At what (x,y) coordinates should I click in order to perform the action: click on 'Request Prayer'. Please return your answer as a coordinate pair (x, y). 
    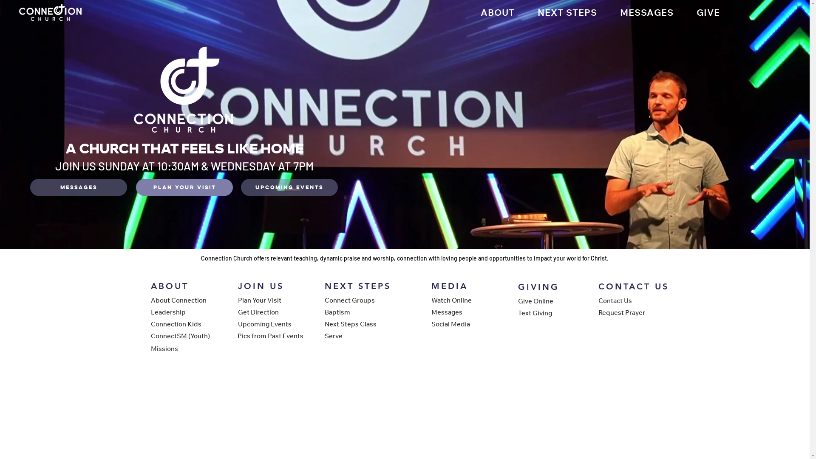
    Looking at the image, I should click on (628, 312).